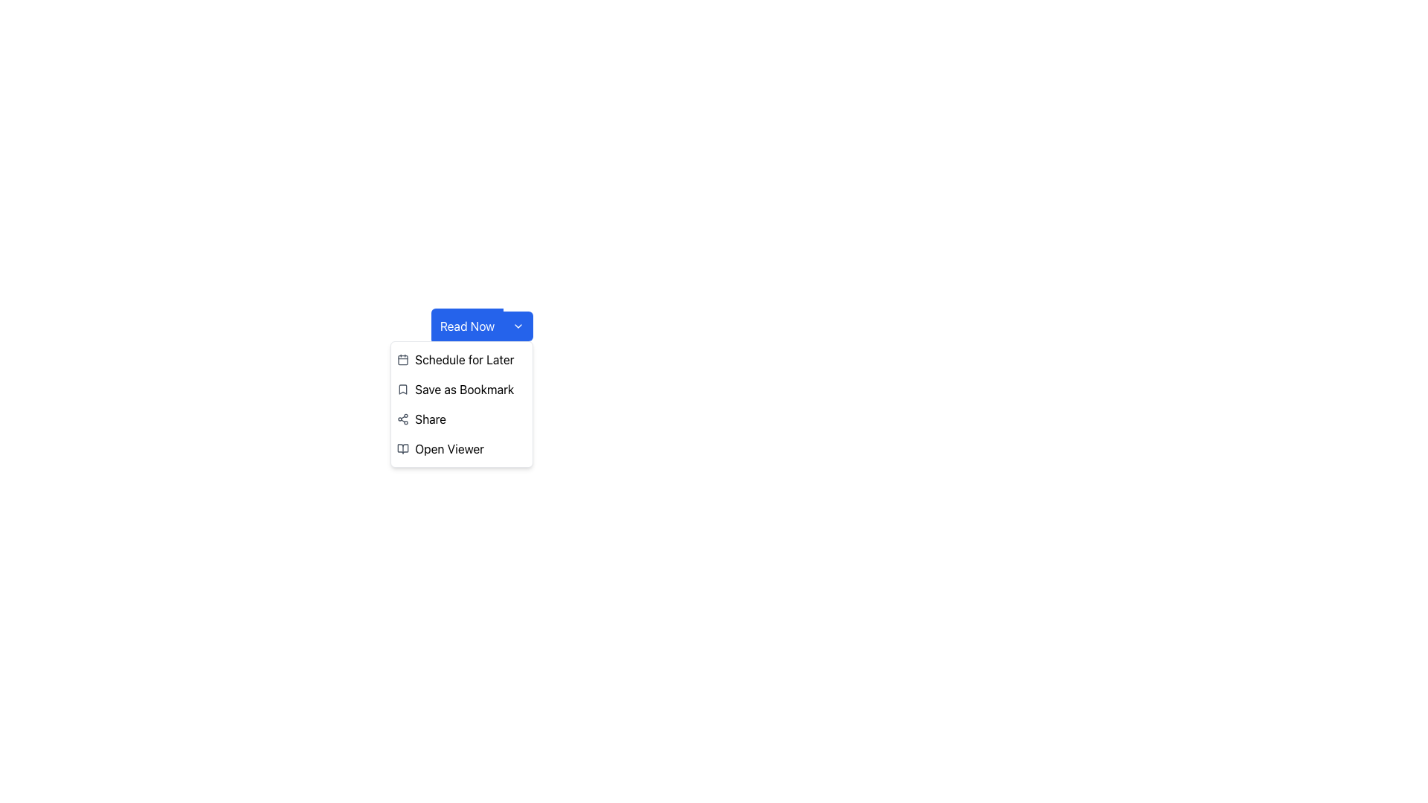 This screenshot has height=803, width=1428. What do you see at coordinates (518, 326) in the screenshot?
I see `the chevron icon located at the right edge of the 'Read Now' button, which indicates additional options or a dropdown menu` at bounding box center [518, 326].